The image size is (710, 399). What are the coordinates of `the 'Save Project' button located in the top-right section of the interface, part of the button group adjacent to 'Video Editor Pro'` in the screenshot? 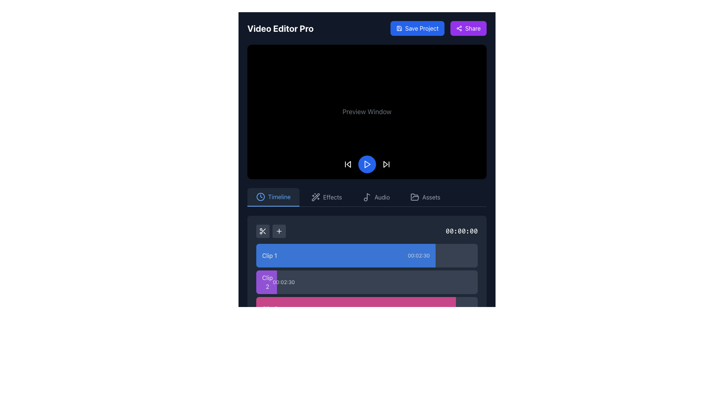 It's located at (438, 28).